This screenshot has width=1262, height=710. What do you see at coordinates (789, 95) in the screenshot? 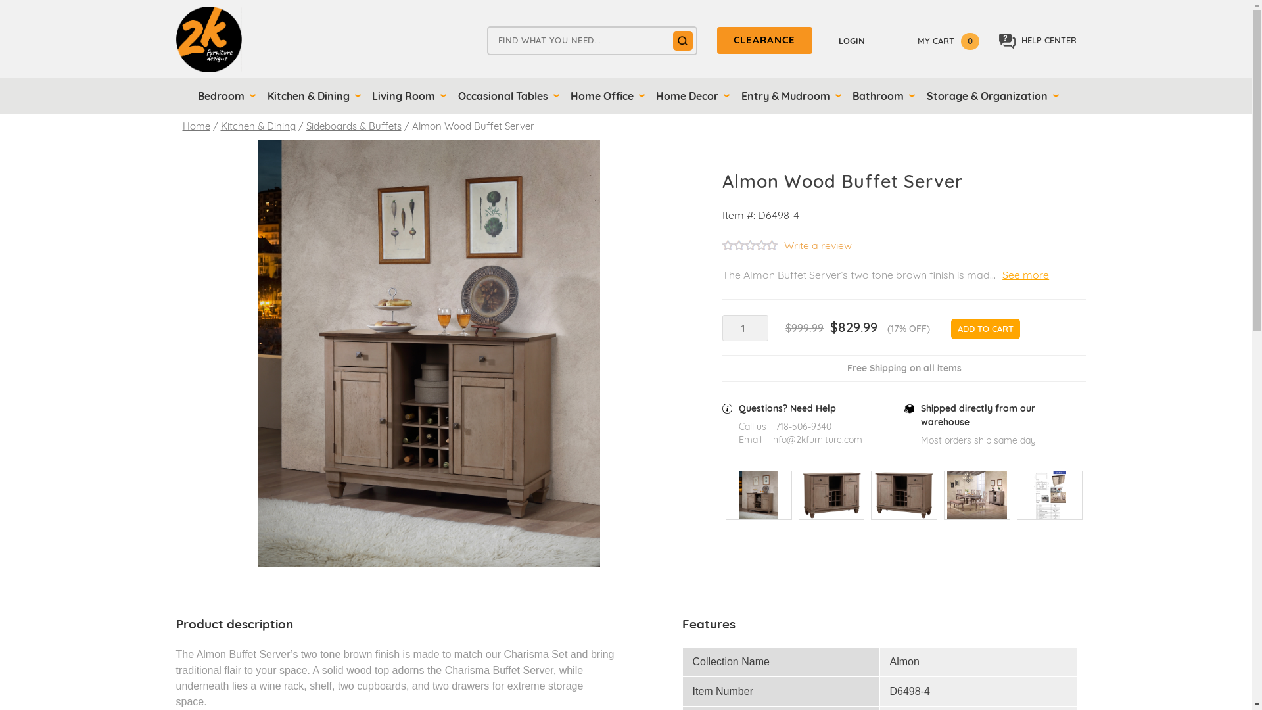
I see `'Entry & Mudroom'` at bounding box center [789, 95].